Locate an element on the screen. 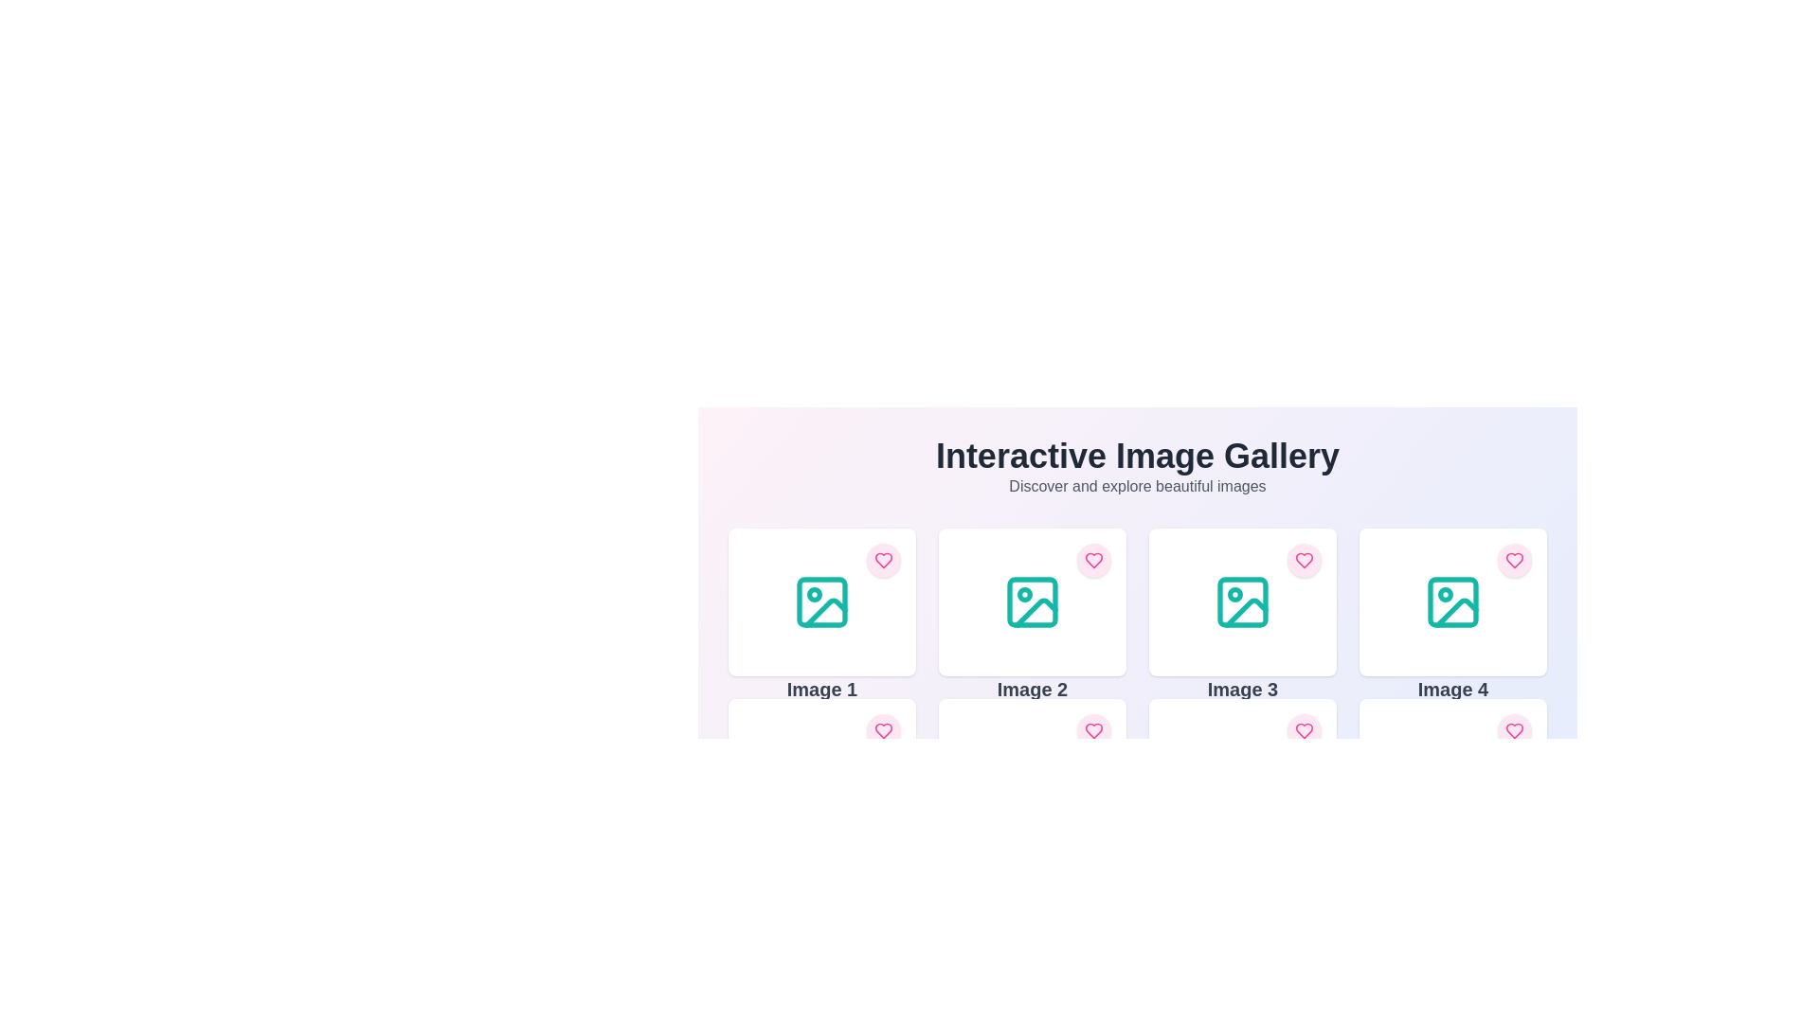  the Icon located centrally within the card labeled 'Image 3' is located at coordinates (1242, 602).